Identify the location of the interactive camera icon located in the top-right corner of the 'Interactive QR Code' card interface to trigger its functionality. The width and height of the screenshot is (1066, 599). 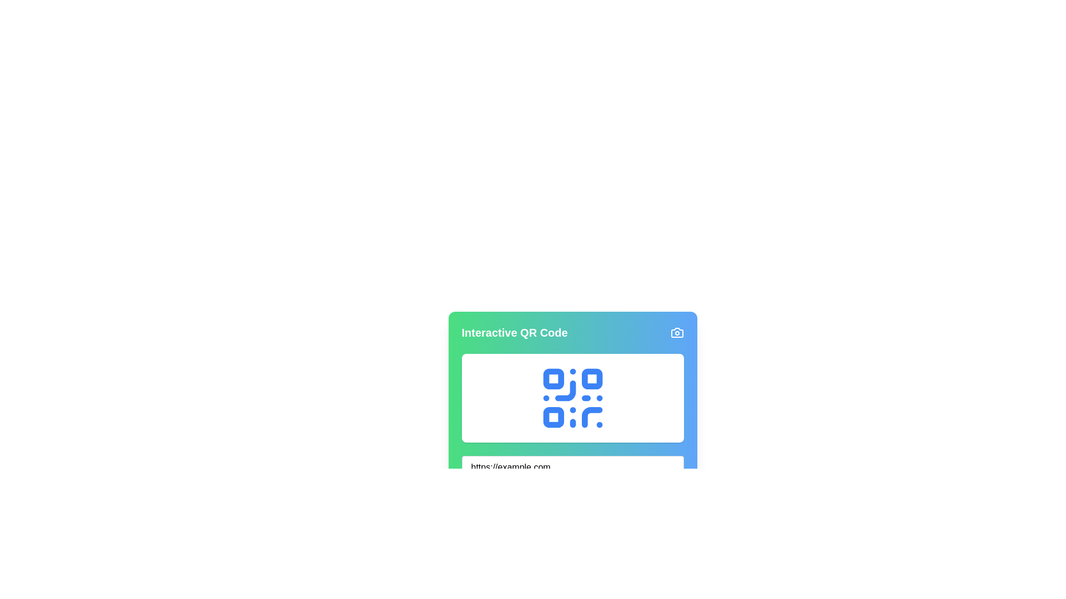
(676, 332).